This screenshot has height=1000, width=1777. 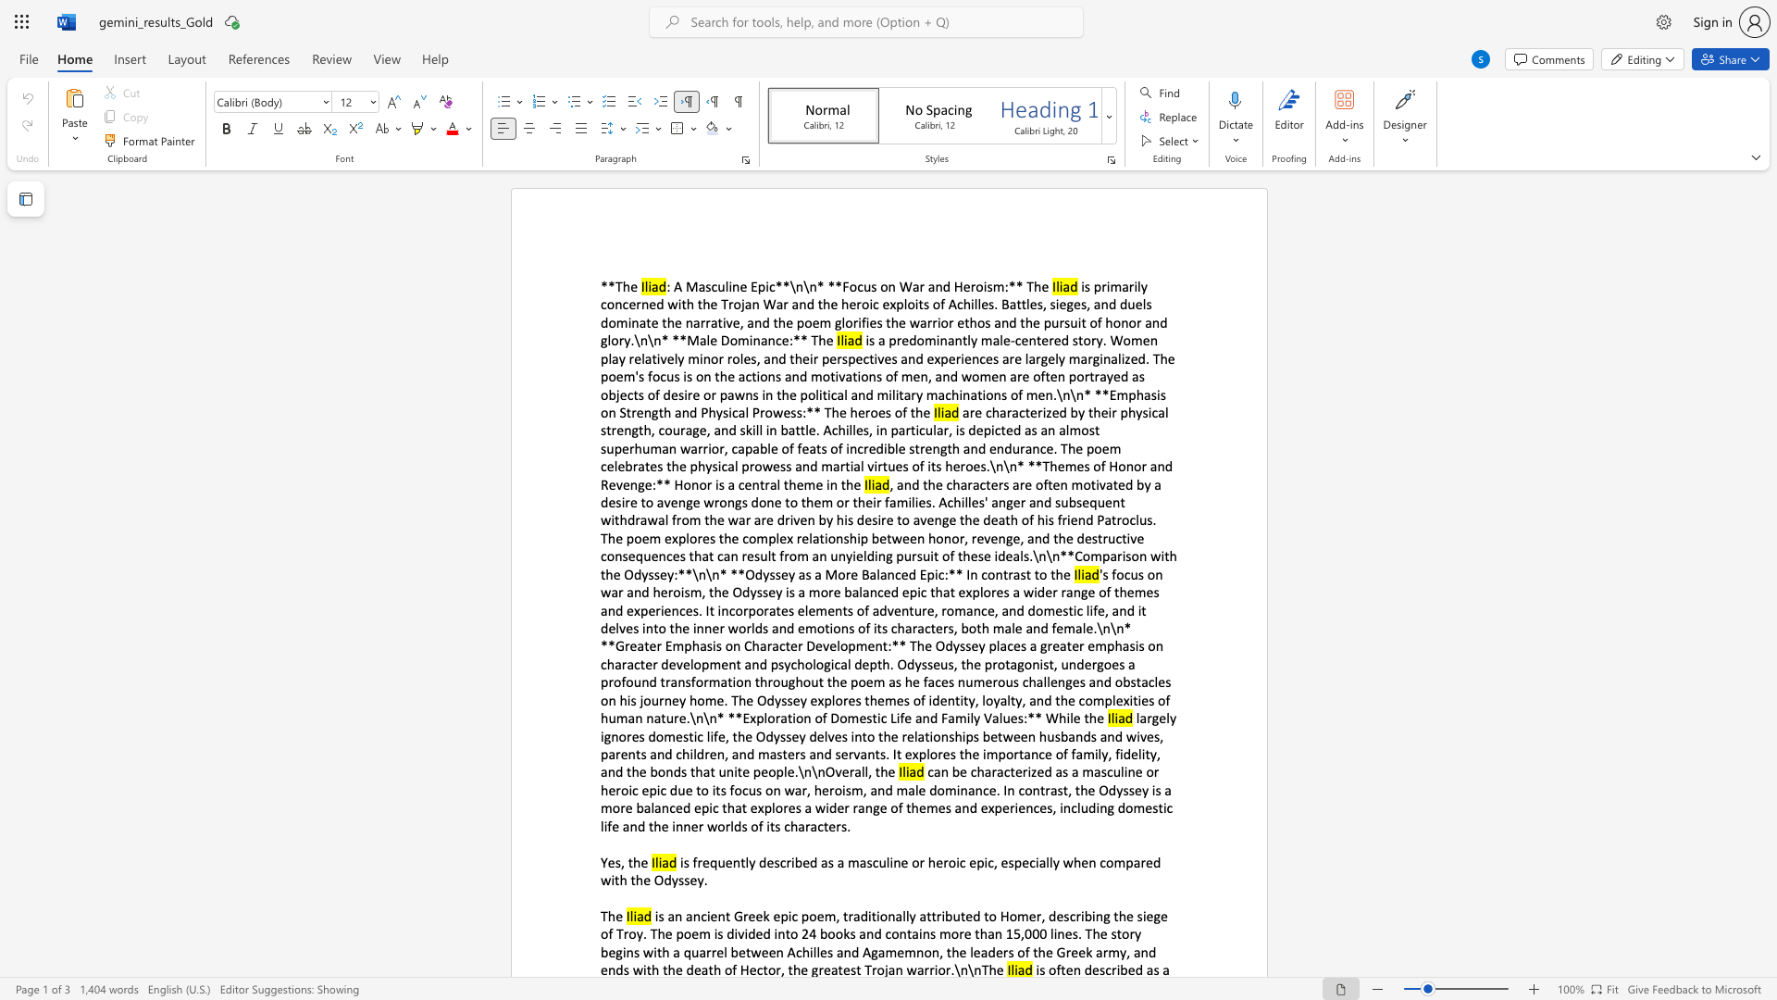 What do you see at coordinates (816, 303) in the screenshot?
I see `the subset text "the heroic exploits of Achilles. Battles, sieges, and duels dominate the narrative, and the poem glorifie" within the text "is primarily concerned with the Trojan War and the heroic exploits of Achilles. Battles, sieges, and duels dominate the narrative, and the poem glorifies the warrior ethos and the pursuit of honor and glory.\n\n* **Male Dominance:** The"` at bounding box center [816, 303].